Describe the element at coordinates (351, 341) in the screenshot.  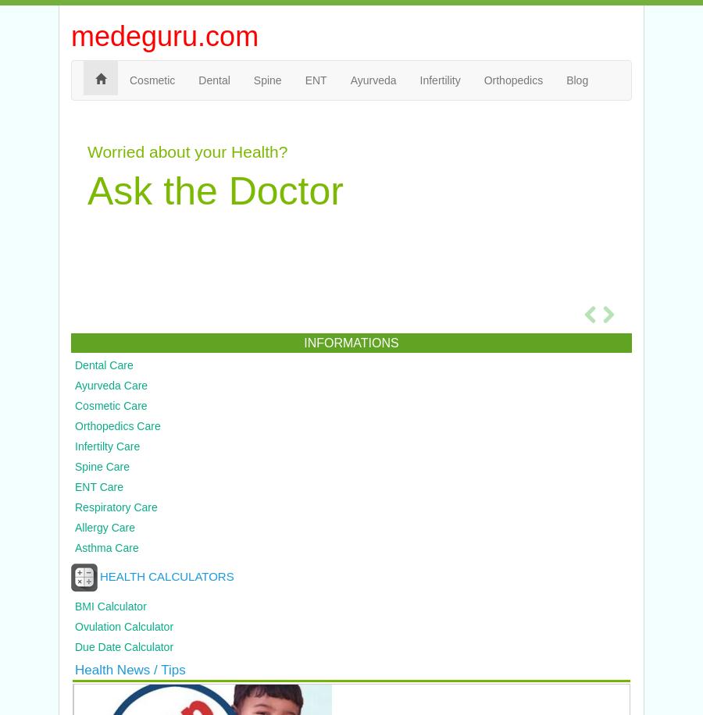
I see `'INFORMATIONS'` at that location.